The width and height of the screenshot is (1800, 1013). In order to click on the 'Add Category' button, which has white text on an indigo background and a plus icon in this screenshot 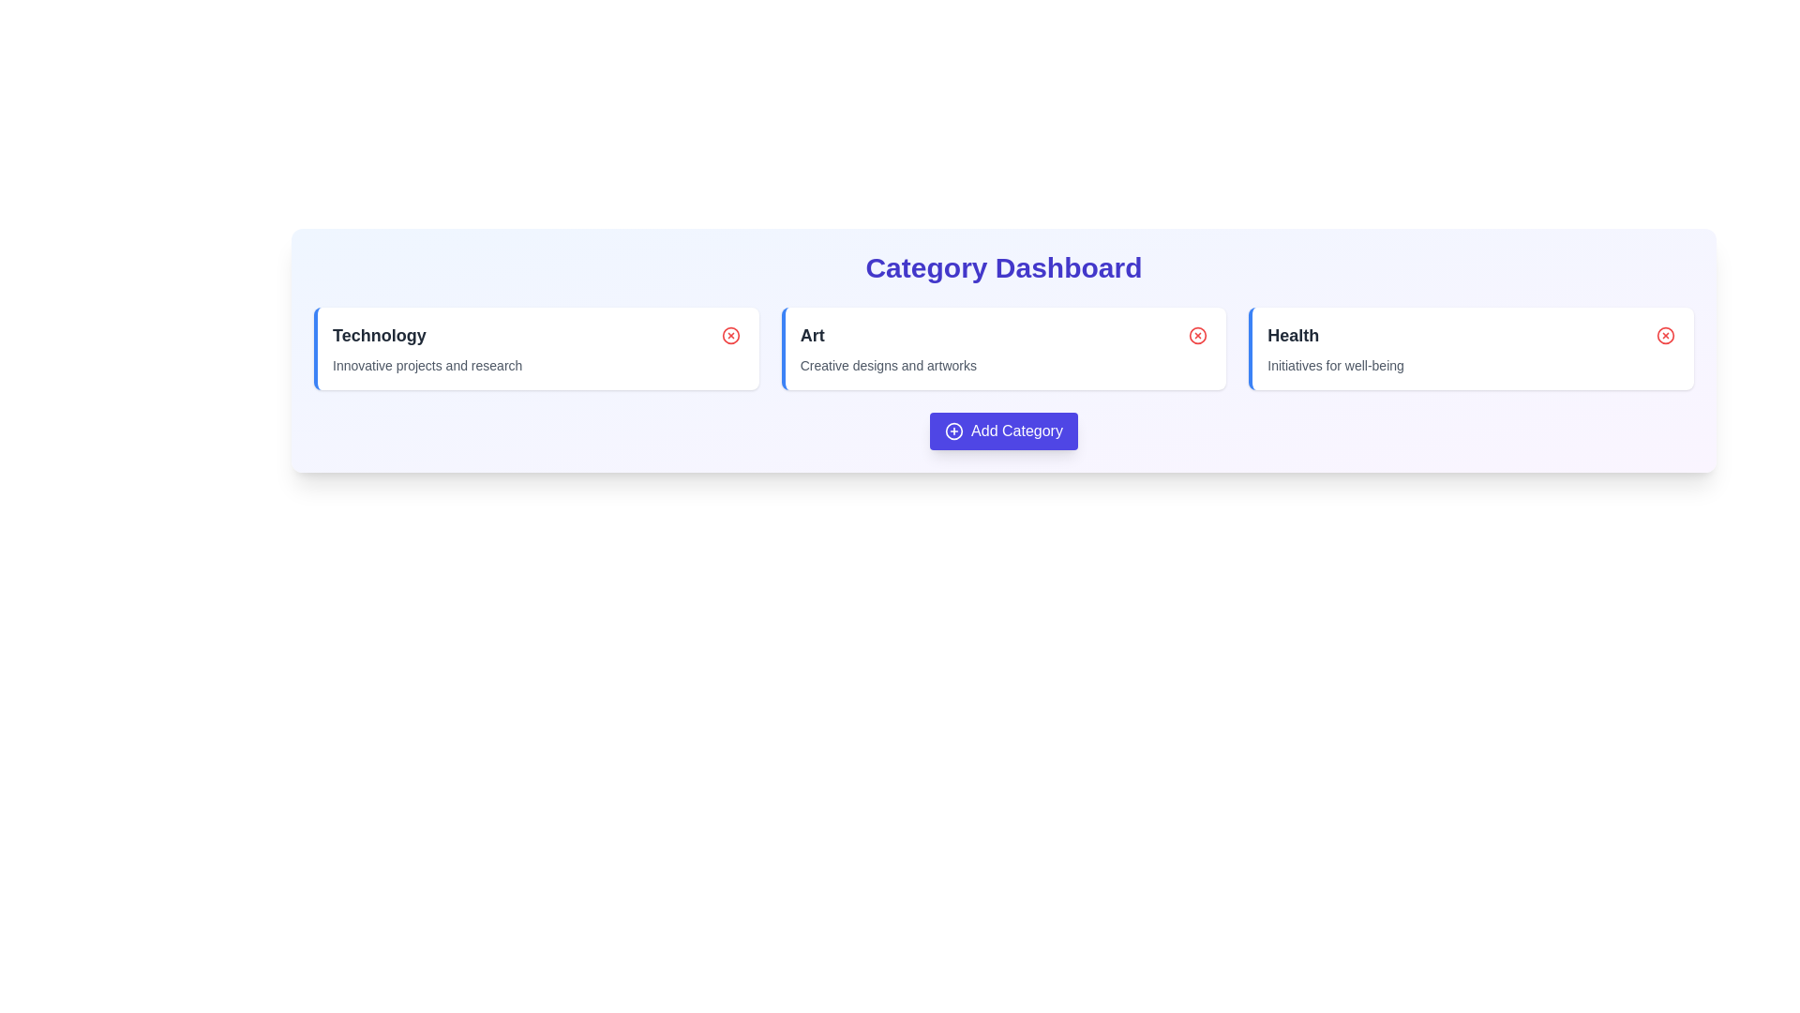, I will do `click(1002, 431)`.